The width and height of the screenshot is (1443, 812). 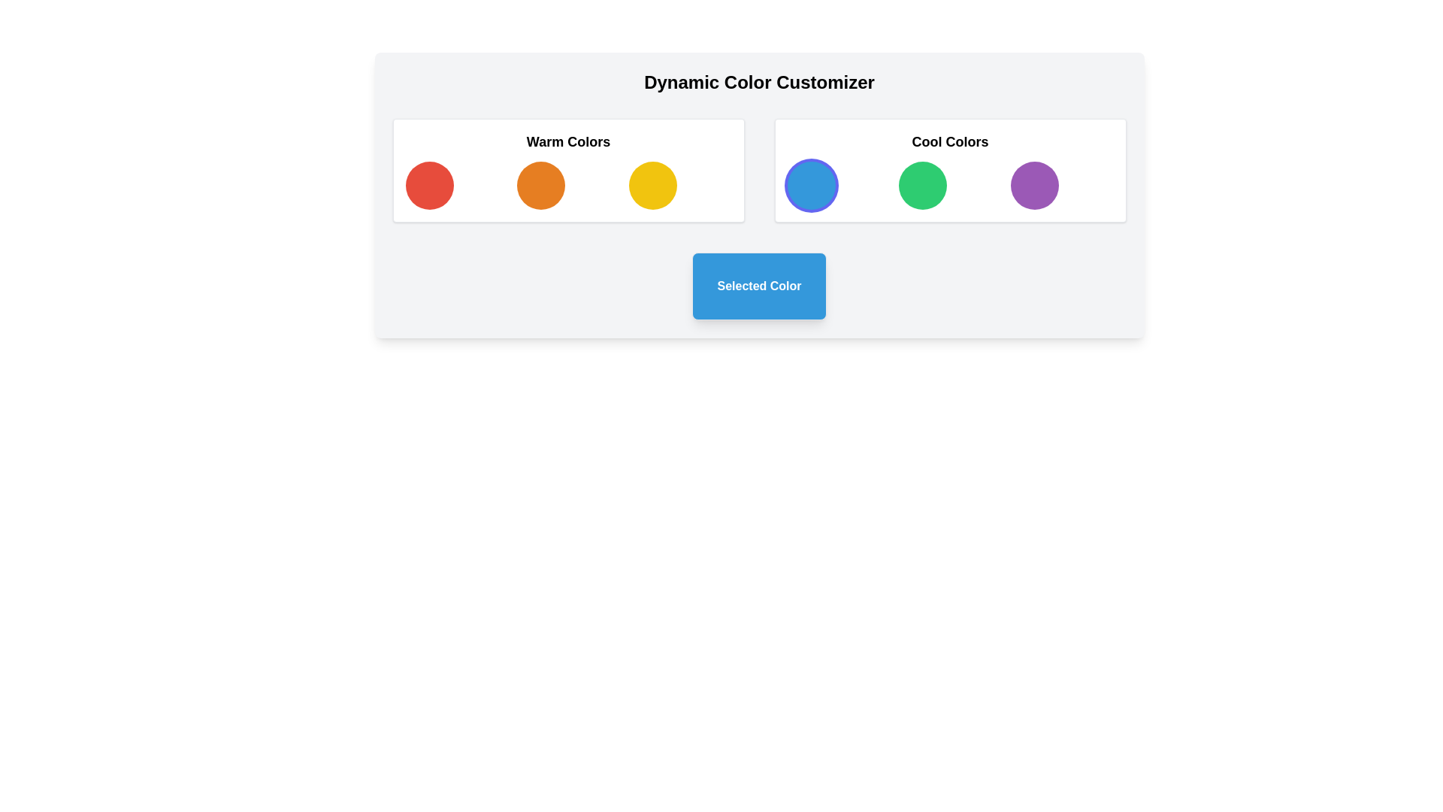 I want to click on the rectangular button with rounded corners and a blue background labeled 'Selected Color' located at the bottom of the interface, so click(x=759, y=286).